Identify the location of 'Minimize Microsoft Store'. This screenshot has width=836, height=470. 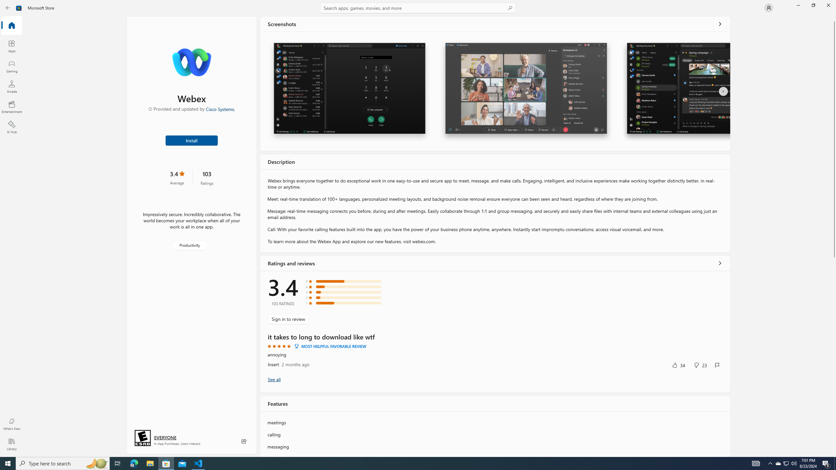
(798, 5).